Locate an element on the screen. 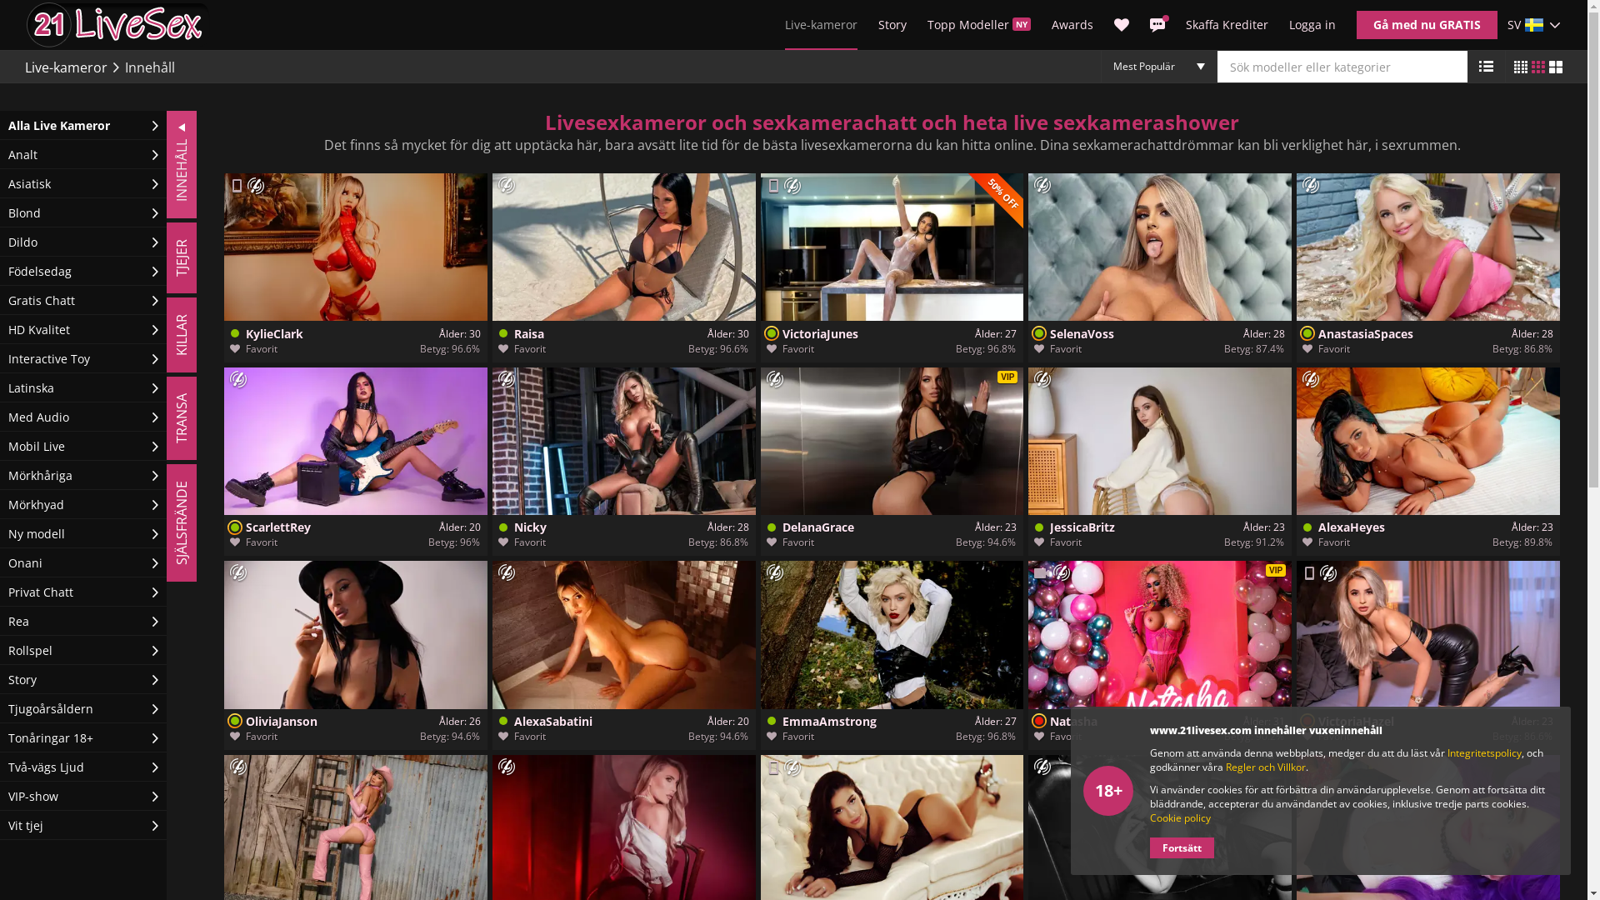 Image resolution: width=1600 pixels, height=900 pixels. 'Onani' is located at coordinates (82, 562).